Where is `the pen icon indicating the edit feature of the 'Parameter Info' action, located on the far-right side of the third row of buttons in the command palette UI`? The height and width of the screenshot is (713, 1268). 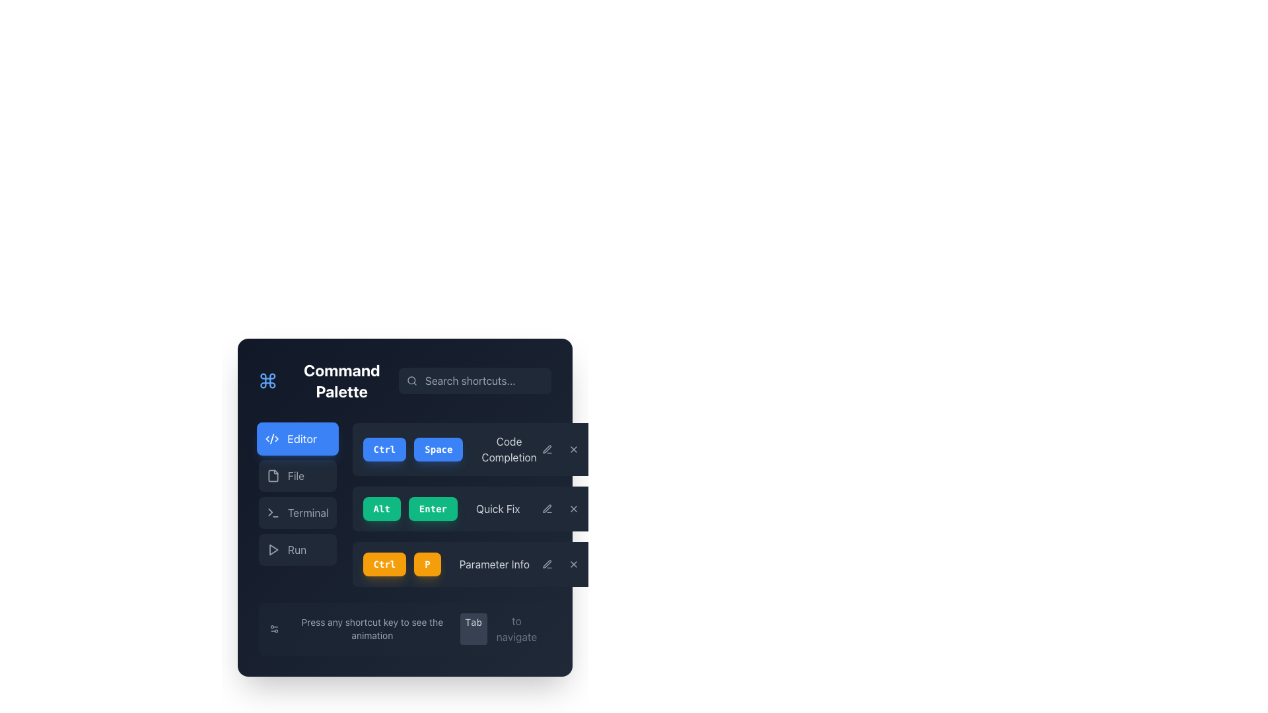 the pen icon indicating the edit feature of the 'Parameter Info' action, located on the far-right side of the third row of buttons in the command palette UI is located at coordinates (547, 564).